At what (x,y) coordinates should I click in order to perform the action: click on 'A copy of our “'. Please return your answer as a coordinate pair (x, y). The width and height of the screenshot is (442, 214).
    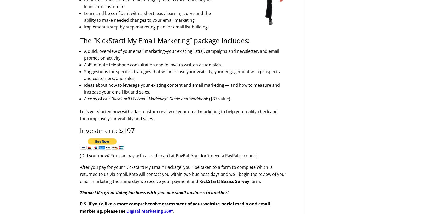
    Looking at the image, I should click on (98, 98).